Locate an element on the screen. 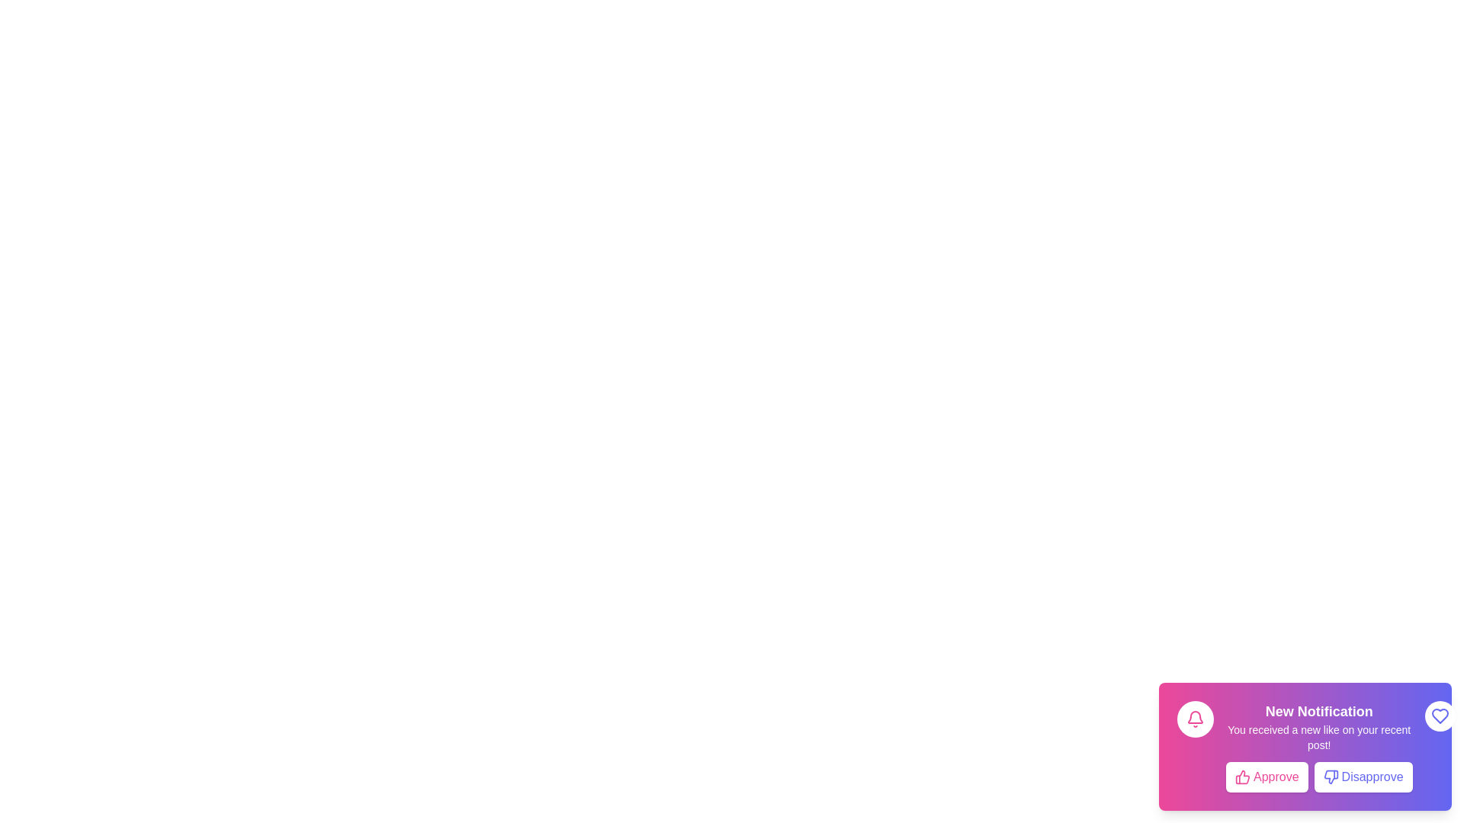 The image size is (1464, 823). the 'Disapprove' button to disapprove the notification is located at coordinates (1363, 777).